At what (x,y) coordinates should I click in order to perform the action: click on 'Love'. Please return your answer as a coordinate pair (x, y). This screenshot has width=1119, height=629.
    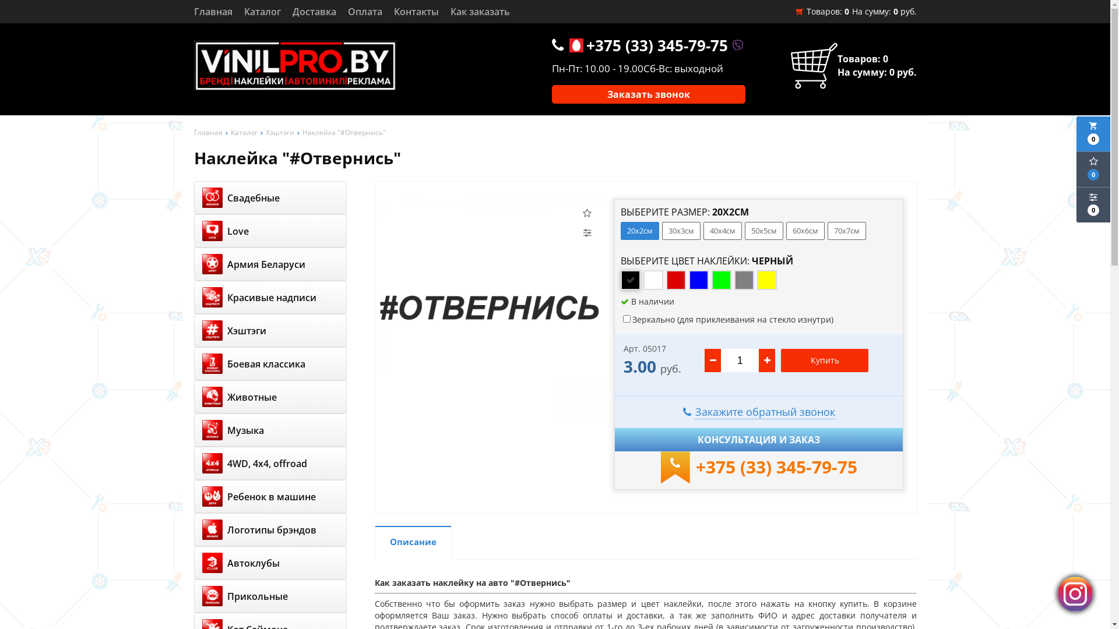
    Looking at the image, I should click on (269, 231).